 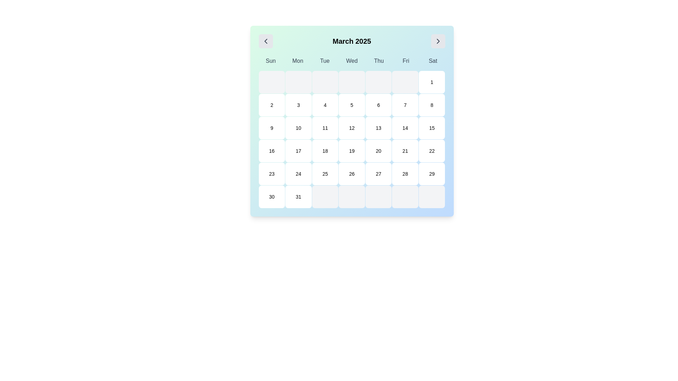 What do you see at coordinates (405, 81) in the screenshot?
I see `the square-shaped calendar cell located in the first row, sixth column of the calendar grid, styled with a light gray color and rounded corners` at bounding box center [405, 81].